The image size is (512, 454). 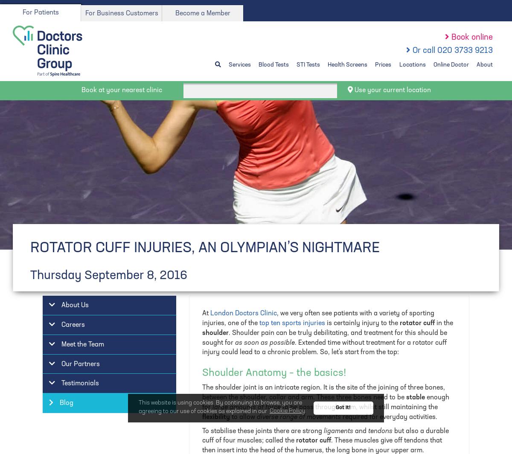 I want to click on 'large amounts of force', so click(x=212, y=407).